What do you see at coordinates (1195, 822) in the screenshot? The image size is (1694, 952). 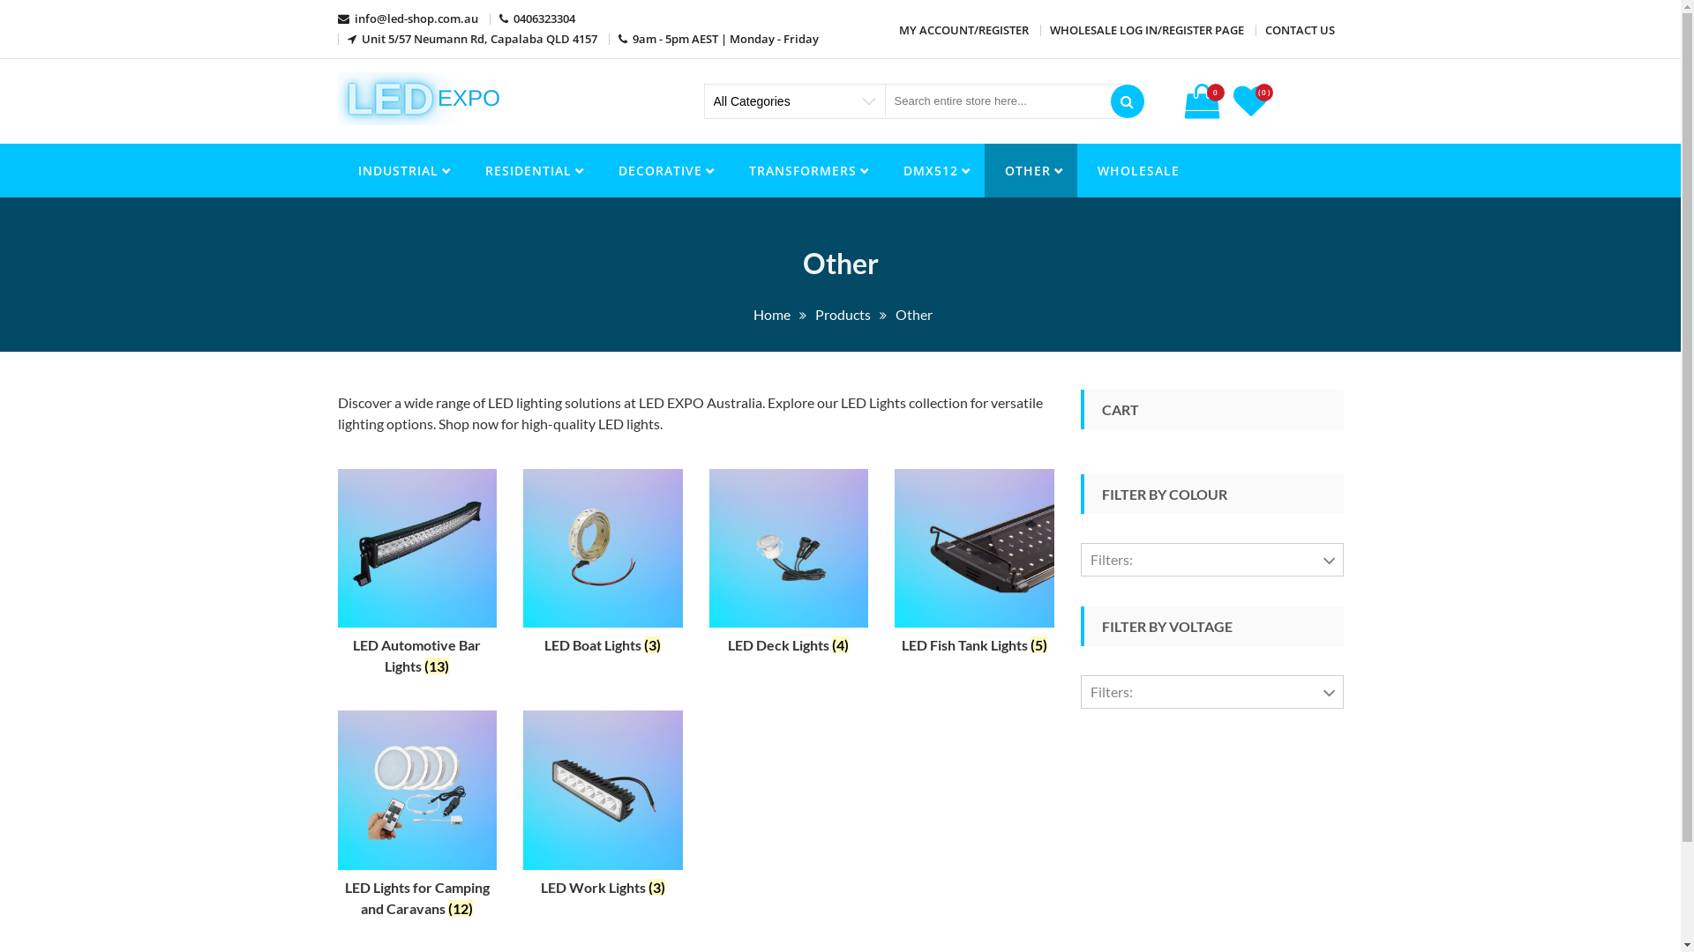 I see `'Warm White (3000-3500K) 7'` at bounding box center [1195, 822].